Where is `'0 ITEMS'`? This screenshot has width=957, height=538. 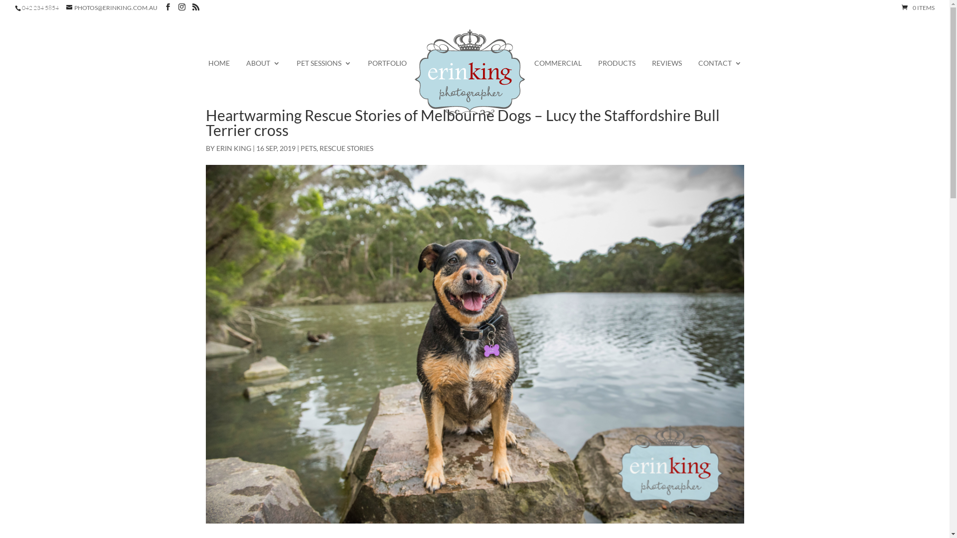 '0 ITEMS' is located at coordinates (918, 7).